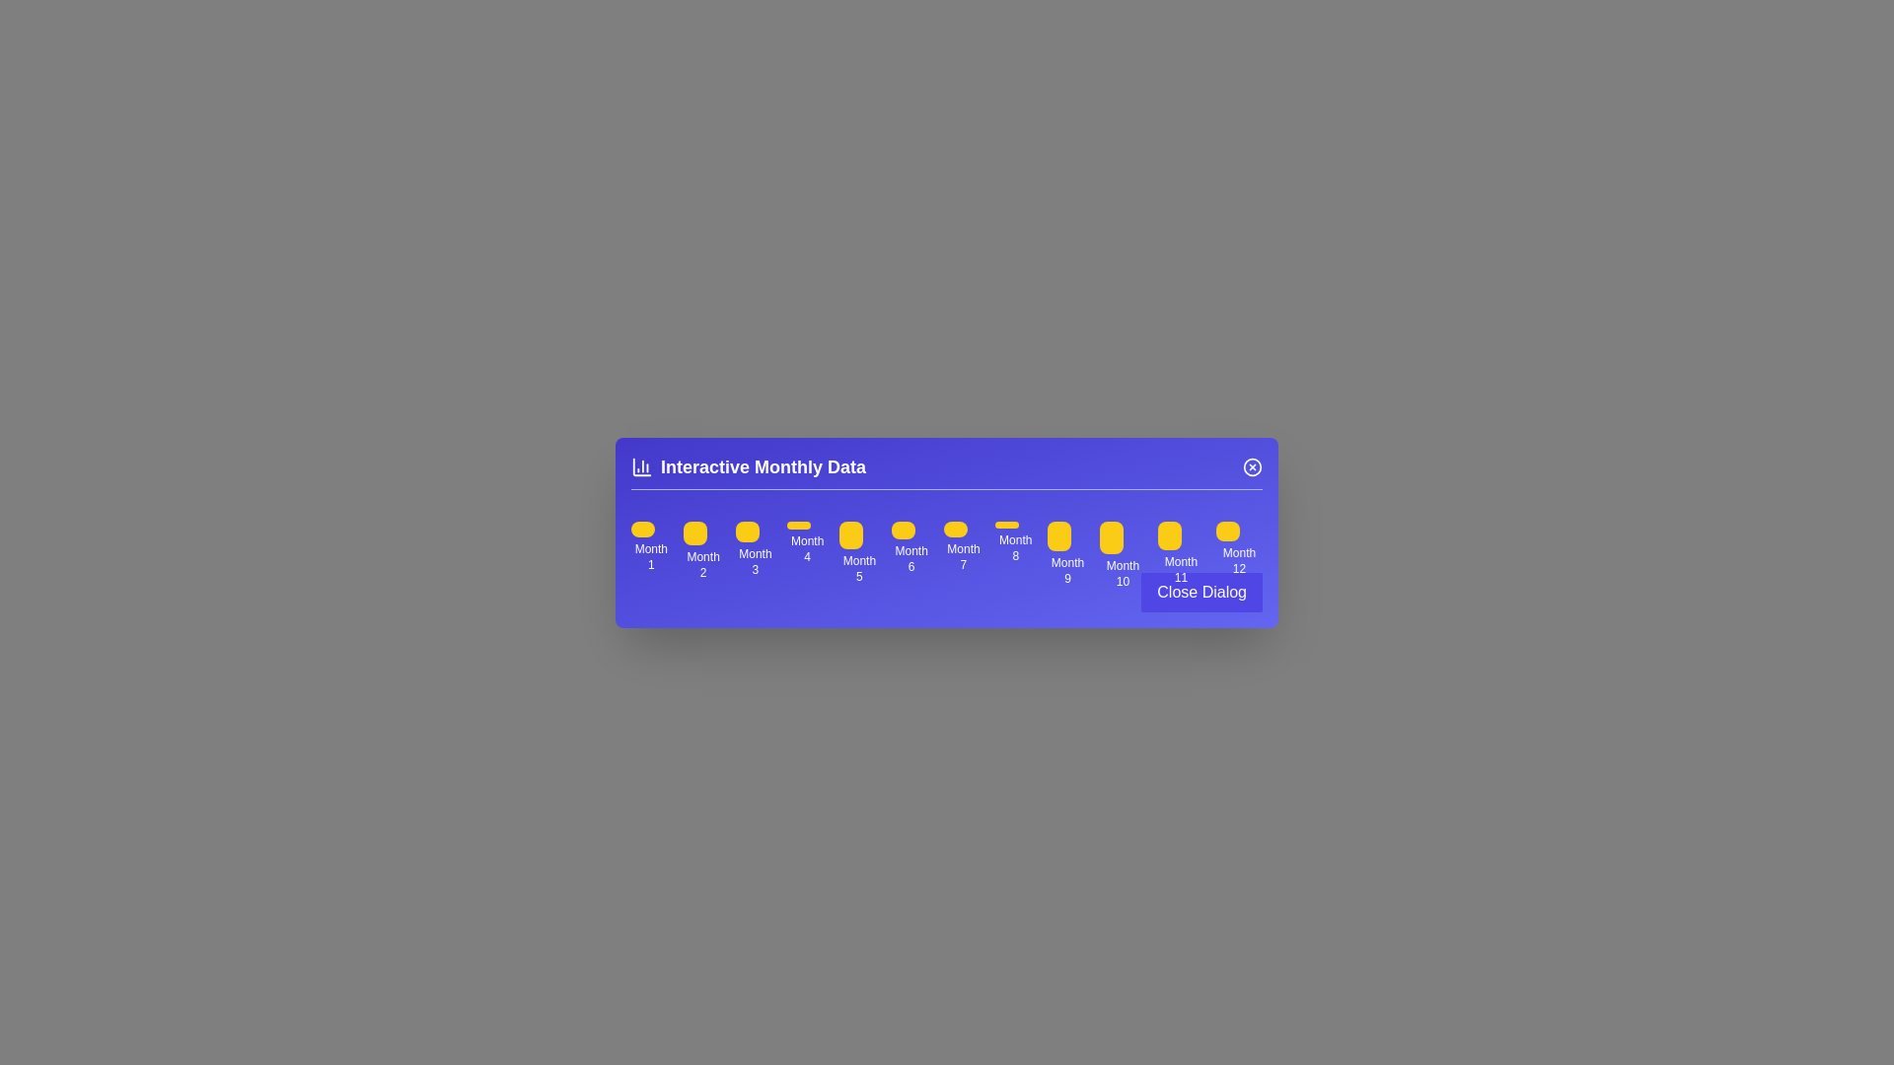 Image resolution: width=1894 pixels, height=1065 pixels. What do you see at coordinates (1201, 591) in the screenshot?
I see `the 'Close Dialog' button to dismiss the dialog` at bounding box center [1201, 591].